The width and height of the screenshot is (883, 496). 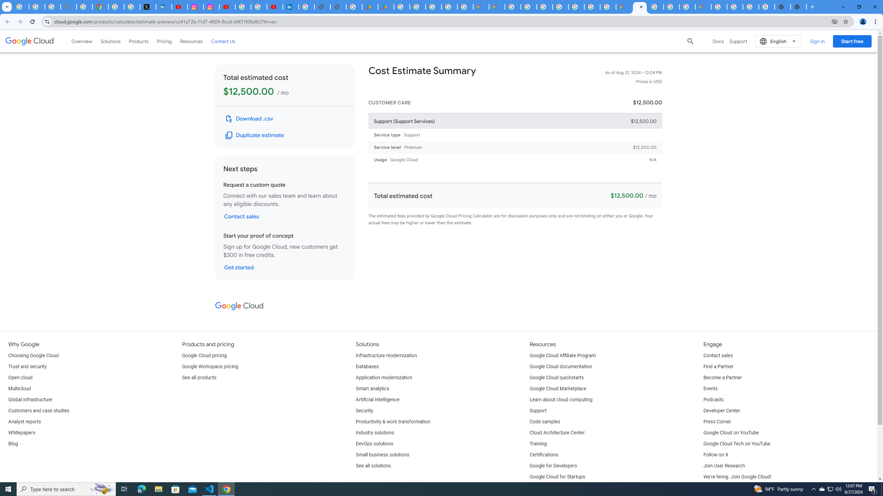 What do you see at coordinates (110, 41) in the screenshot?
I see `'Solutions'` at bounding box center [110, 41].